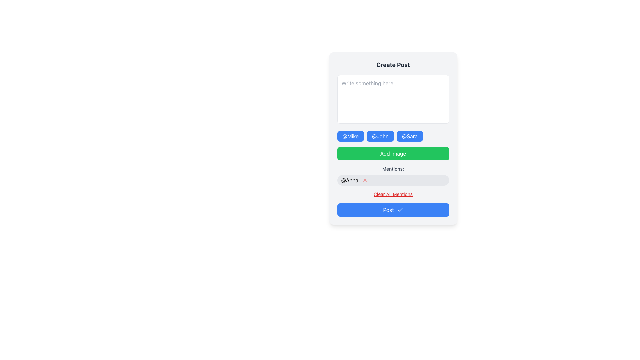 The height and width of the screenshot is (360, 640). Describe the element at coordinates (350, 136) in the screenshot. I see `the '@Mike' mention tag button, which is the first button in a row of user mention buttons located below the 'Create Post' text input box` at that location.